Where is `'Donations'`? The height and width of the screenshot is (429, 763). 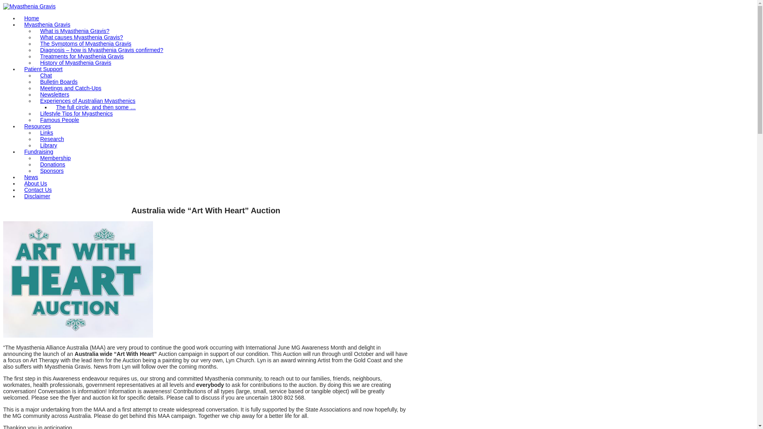 'Donations' is located at coordinates (52, 164).